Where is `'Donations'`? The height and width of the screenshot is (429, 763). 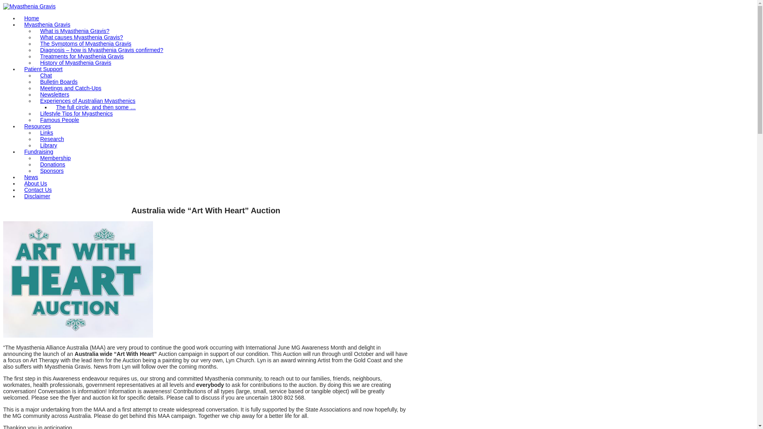 'Donations' is located at coordinates (52, 164).